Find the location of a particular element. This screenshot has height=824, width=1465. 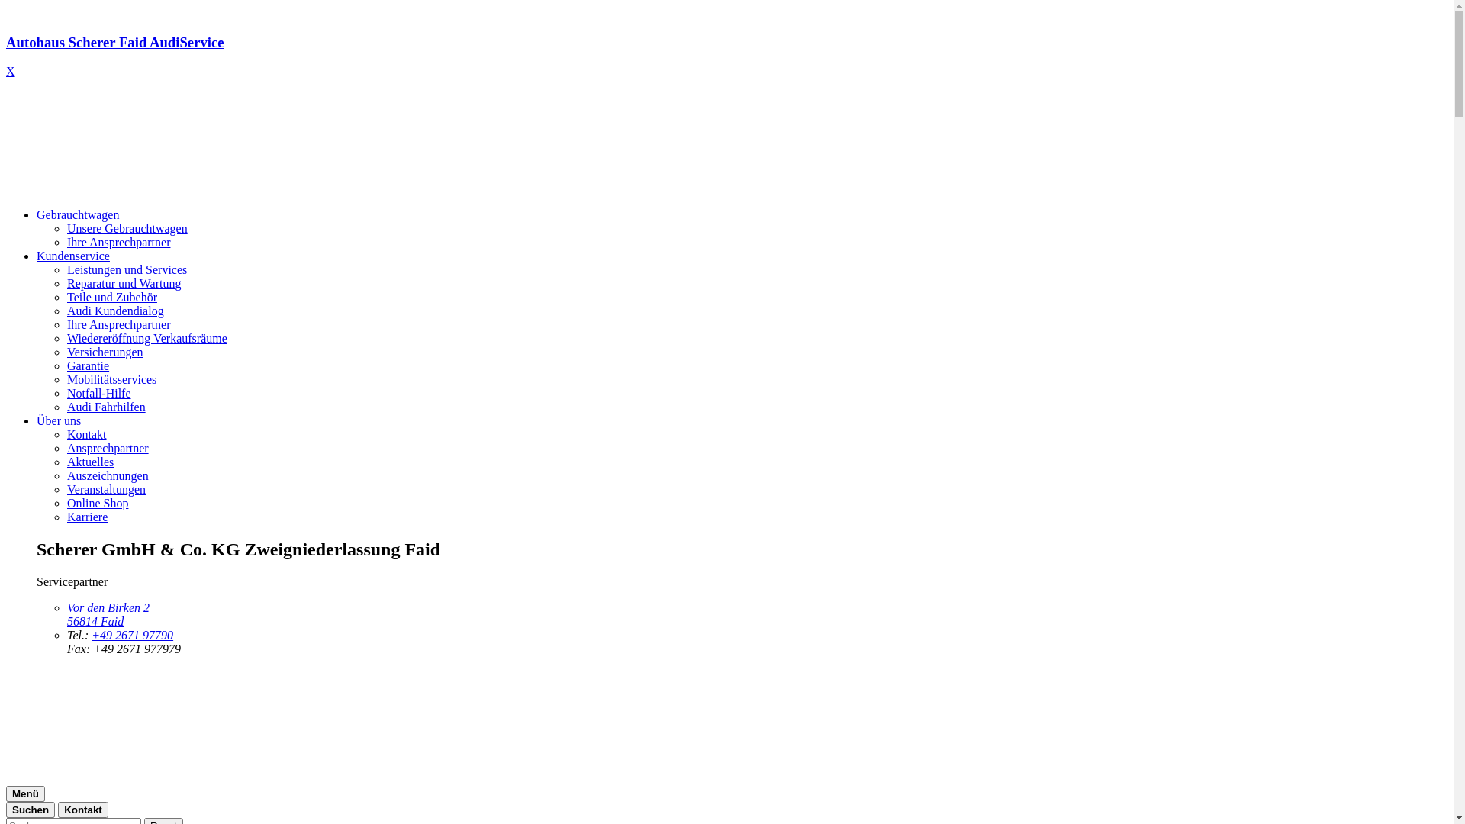

'Unsere Gebrauchtwagen' is located at coordinates (127, 228).